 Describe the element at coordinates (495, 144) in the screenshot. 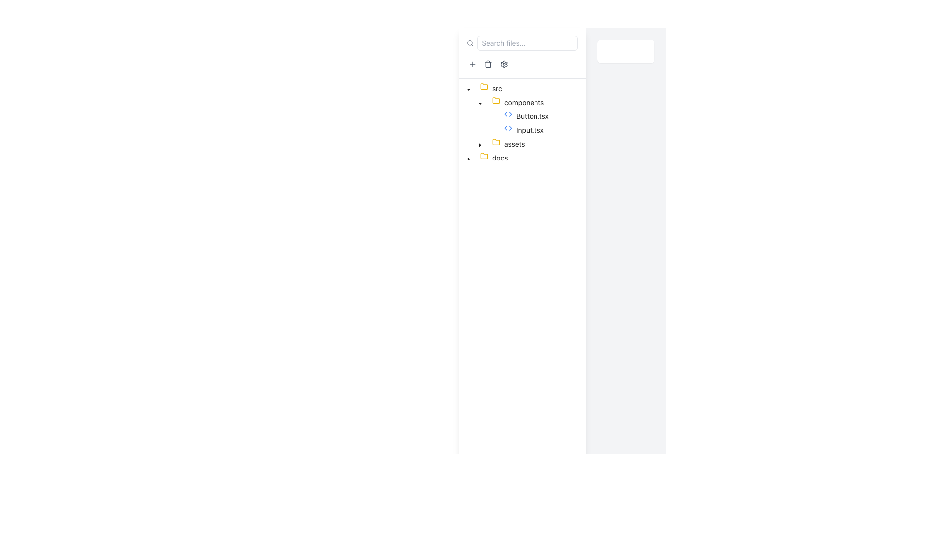

I see `the caret of the 'assets' folder in the Tree view` at that location.